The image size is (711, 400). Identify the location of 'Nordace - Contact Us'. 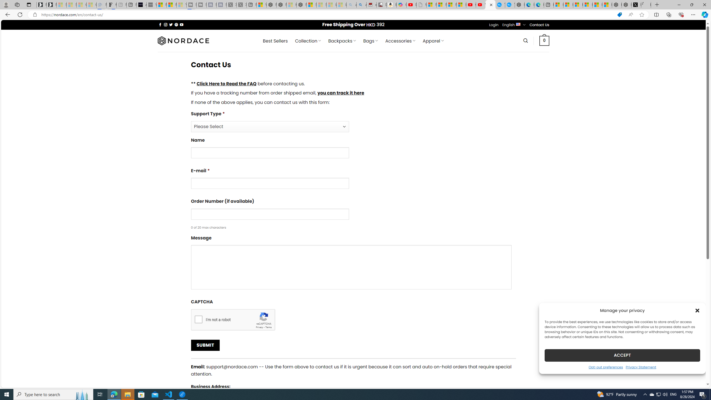
(490, 4).